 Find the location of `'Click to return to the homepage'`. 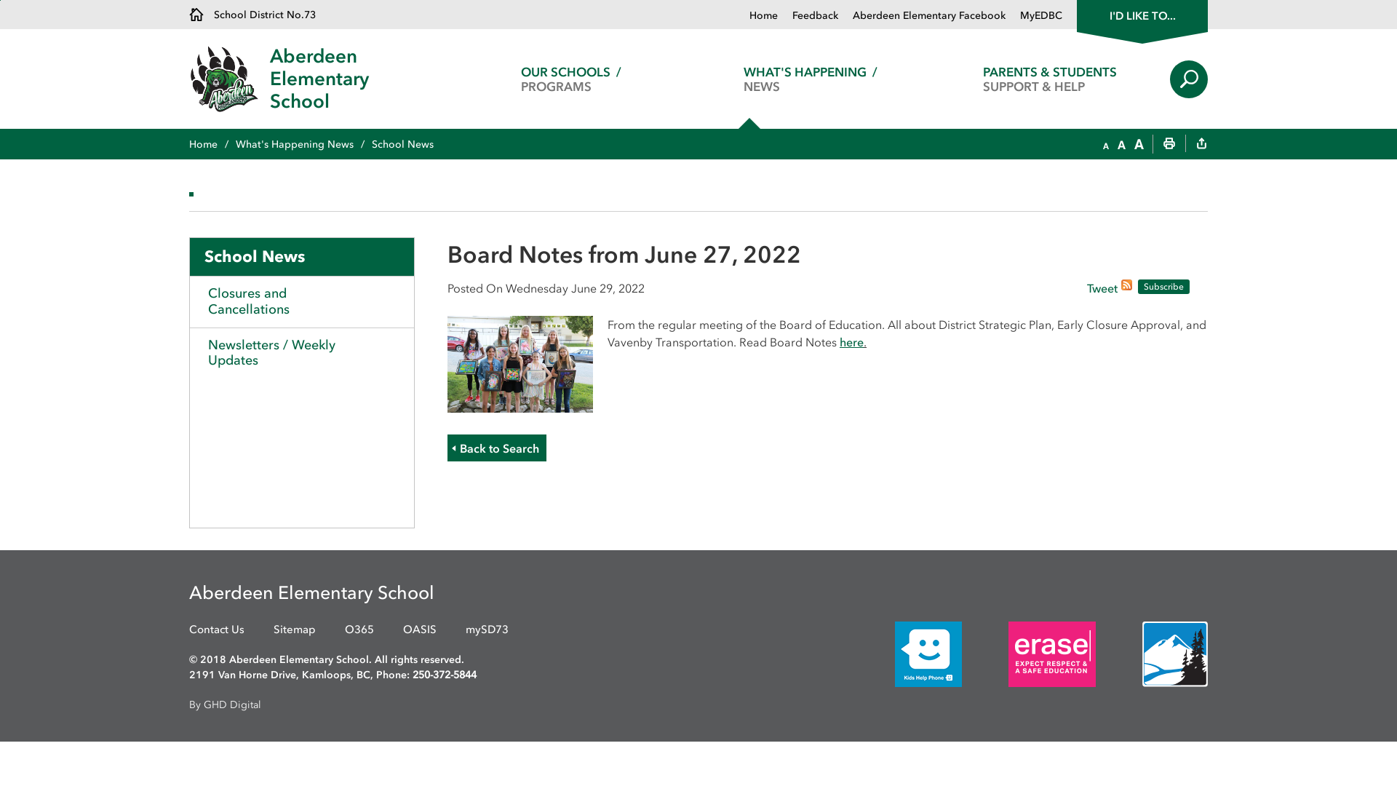

'Click to return to the homepage' is located at coordinates (228, 79).